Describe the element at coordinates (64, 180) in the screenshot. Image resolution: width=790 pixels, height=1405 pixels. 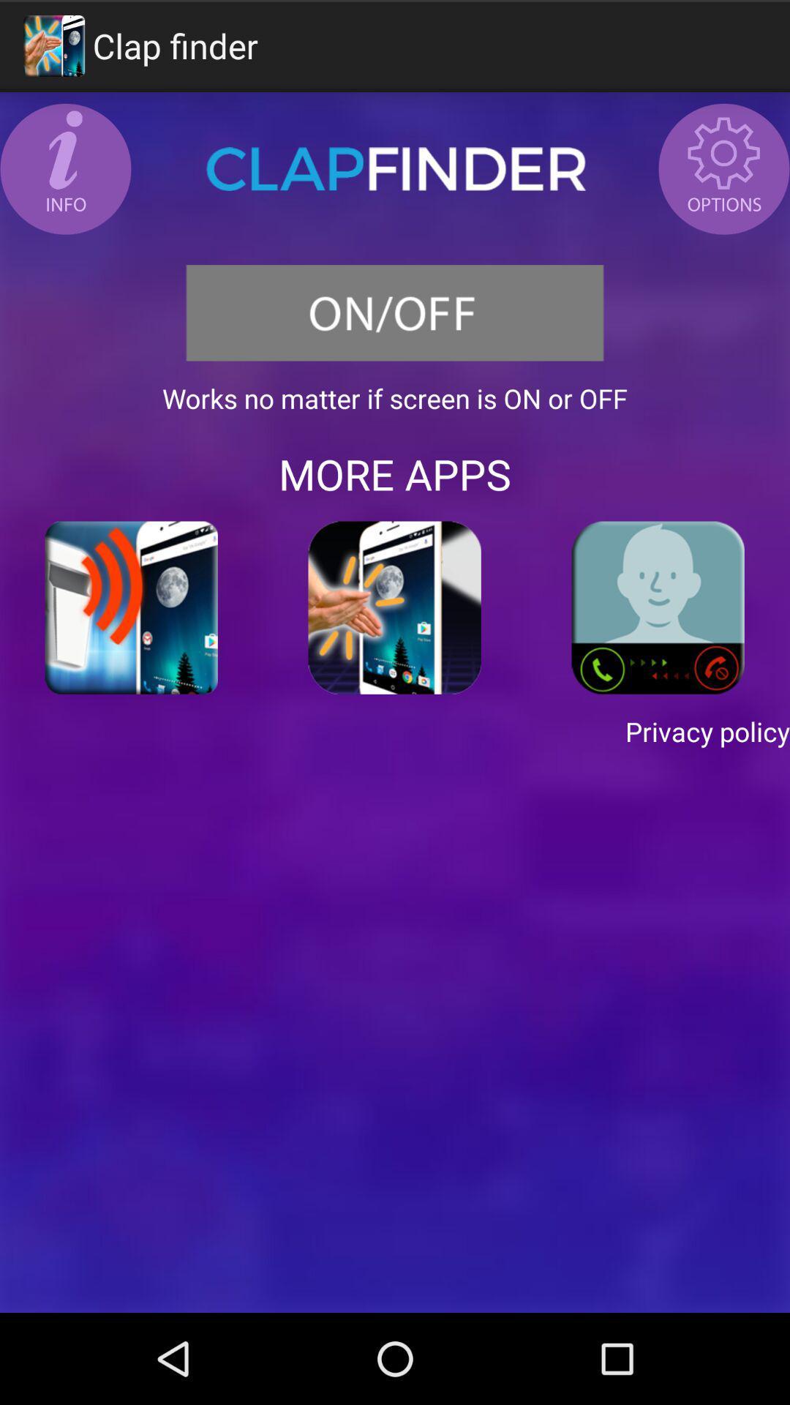
I see `the info icon` at that location.